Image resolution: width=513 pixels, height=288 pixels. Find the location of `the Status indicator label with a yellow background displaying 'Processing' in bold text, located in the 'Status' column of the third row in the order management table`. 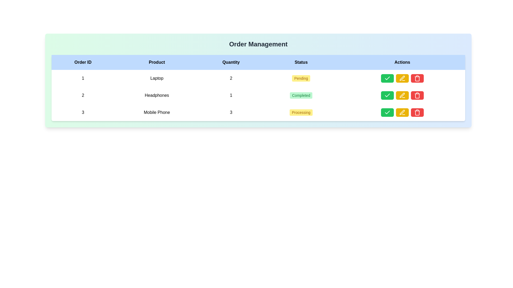

the Status indicator label with a yellow background displaying 'Processing' in bold text, located in the 'Status' column of the third row in the order management table is located at coordinates (301, 112).